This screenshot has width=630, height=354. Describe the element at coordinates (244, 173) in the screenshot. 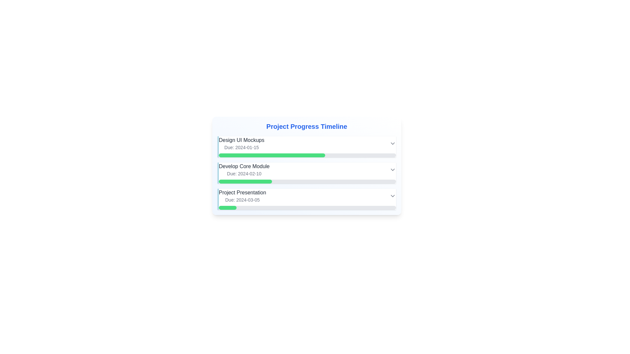

I see `the Text Label displaying the due date for the task 'Develop Core Module', which is located directly below the task description and aligned to the left margin` at that location.